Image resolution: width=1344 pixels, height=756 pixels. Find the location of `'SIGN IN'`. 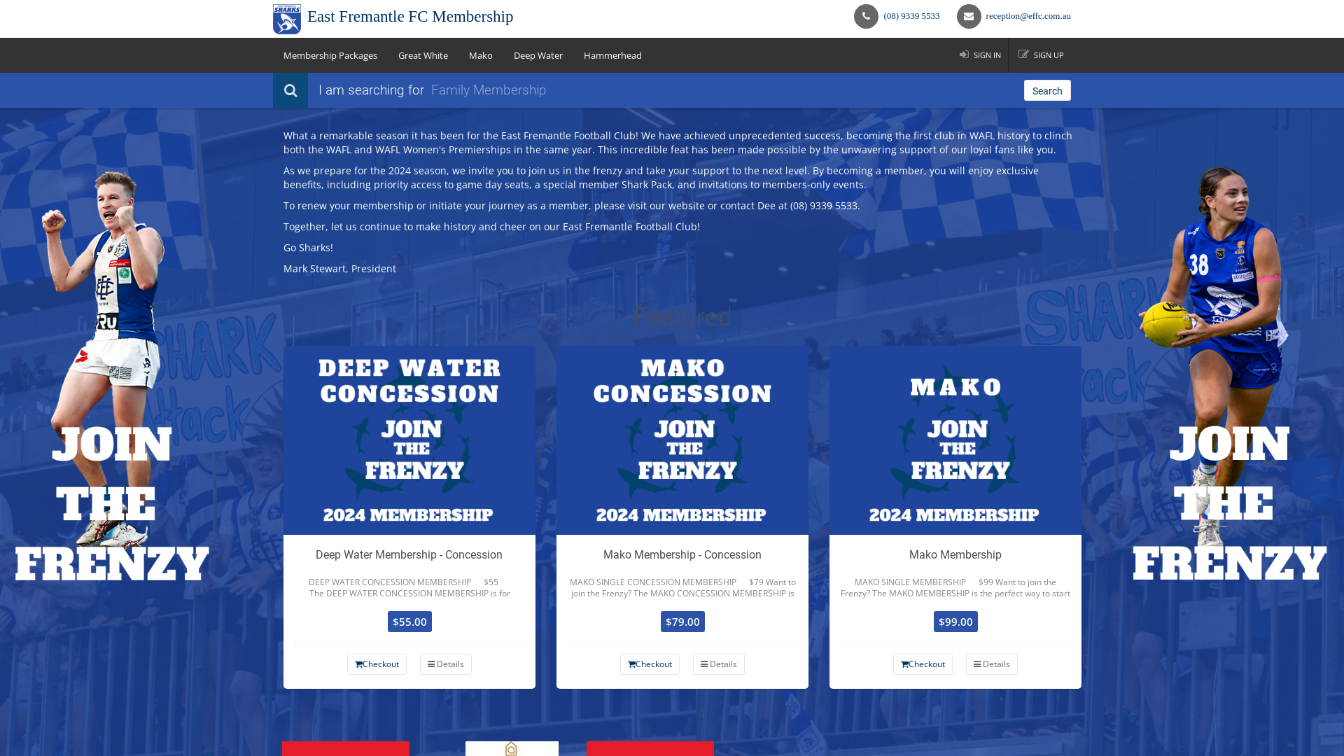

'SIGN IN' is located at coordinates (979, 54).